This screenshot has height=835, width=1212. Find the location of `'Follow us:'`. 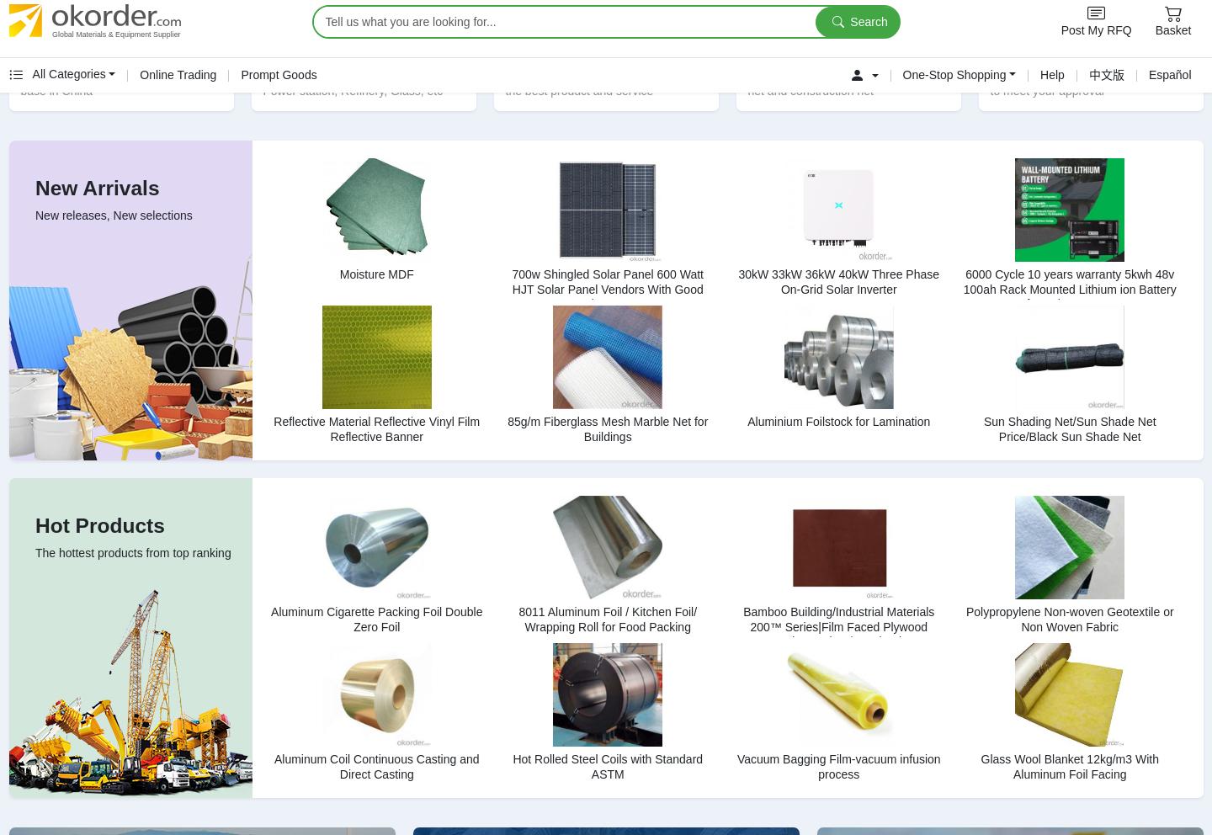

'Follow us:' is located at coordinates (1004, 709).